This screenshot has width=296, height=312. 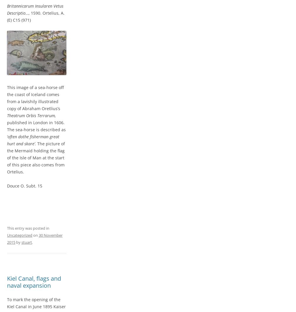 What do you see at coordinates (24, 186) in the screenshot?
I see `'Douce O. Subt. 15'` at bounding box center [24, 186].